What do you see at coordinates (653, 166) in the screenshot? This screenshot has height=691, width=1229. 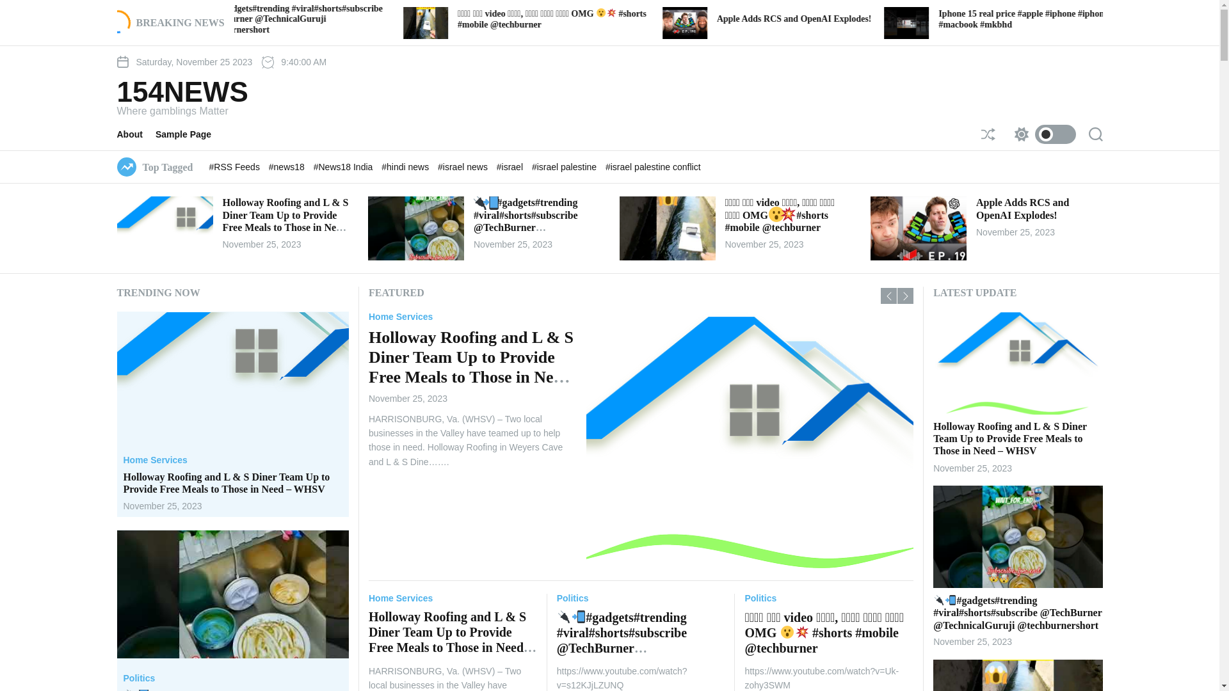 I see `'#israel palestine conflict'` at bounding box center [653, 166].